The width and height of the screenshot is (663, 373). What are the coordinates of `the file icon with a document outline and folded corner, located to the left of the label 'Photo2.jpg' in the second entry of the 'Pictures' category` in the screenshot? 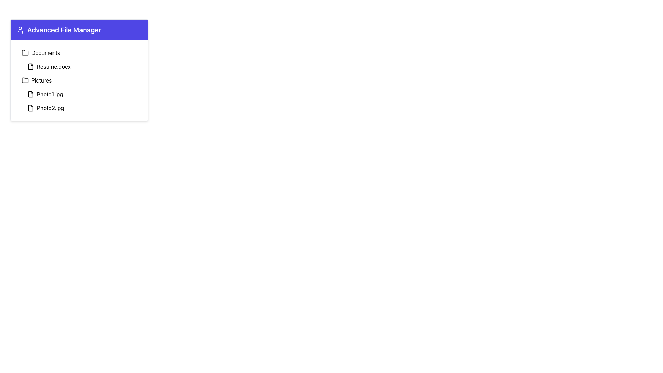 It's located at (30, 108).